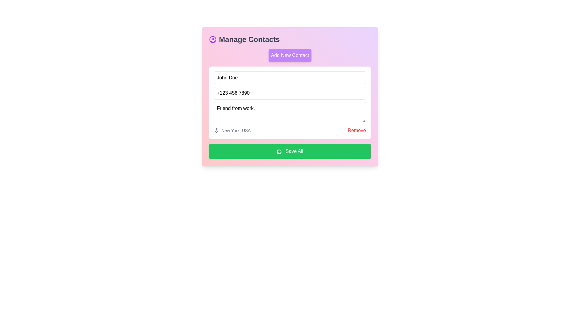 The width and height of the screenshot is (588, 331). I want to click on the third input field in the 'Manage Contacts' section, so click(289, 112).